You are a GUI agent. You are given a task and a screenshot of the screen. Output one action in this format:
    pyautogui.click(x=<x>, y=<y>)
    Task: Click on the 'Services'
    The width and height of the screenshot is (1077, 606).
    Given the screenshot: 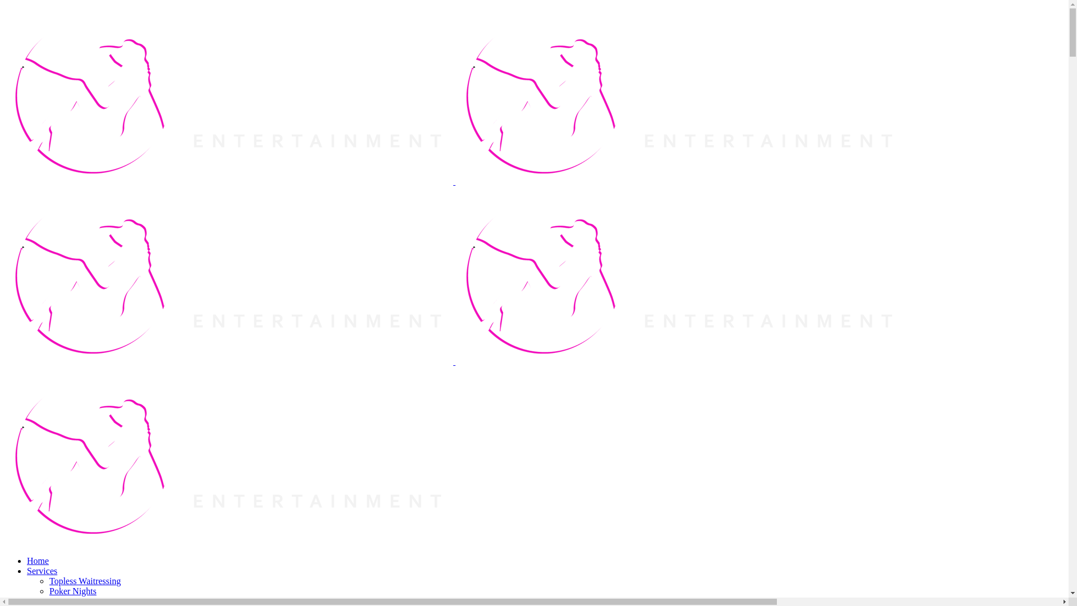 What is the action you would take?
    pyautogui.click(x=42, y=571)
    